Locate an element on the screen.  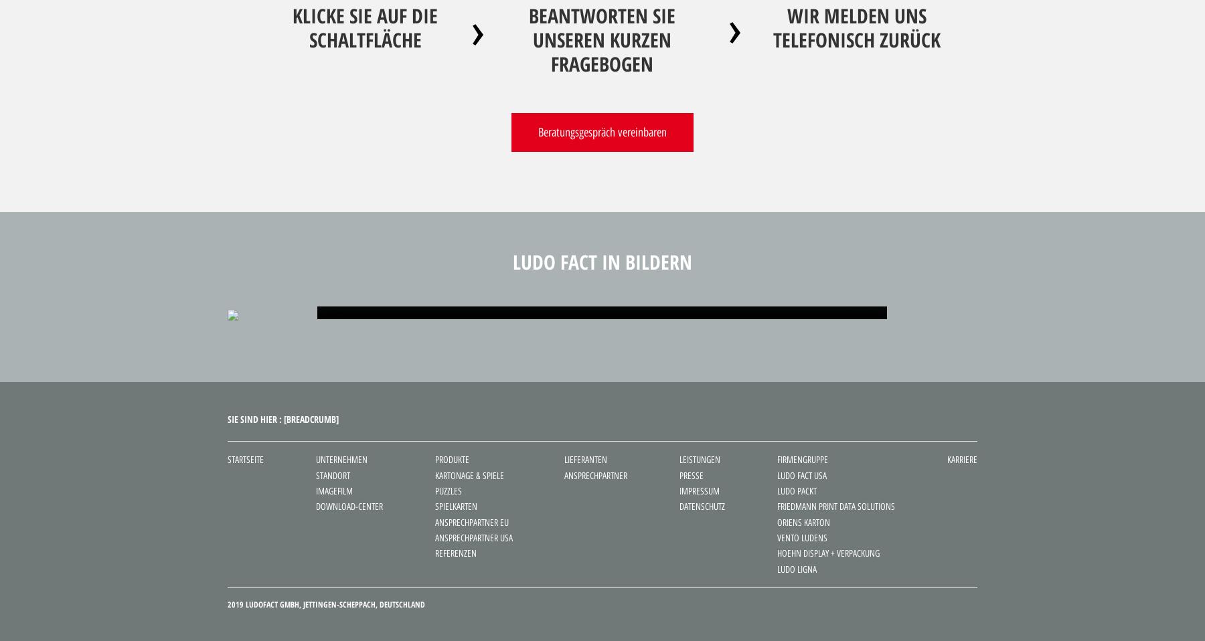
'Vento Ludens' is located at coordinates (801, 537).